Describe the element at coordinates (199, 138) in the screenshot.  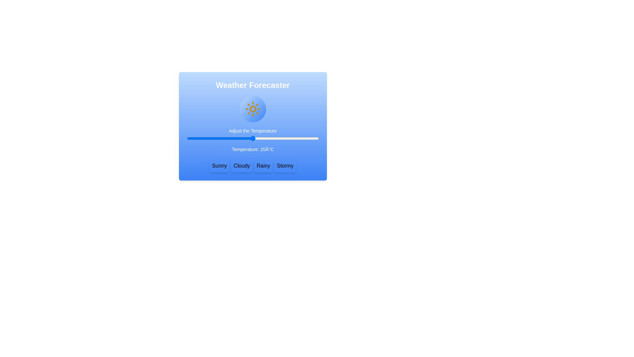
I see `the temperature slider to -4 degrees` at that location.